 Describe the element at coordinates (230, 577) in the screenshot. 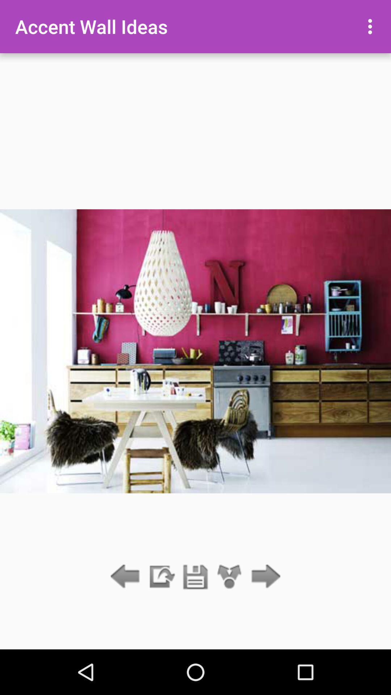

I see `share` at that location.